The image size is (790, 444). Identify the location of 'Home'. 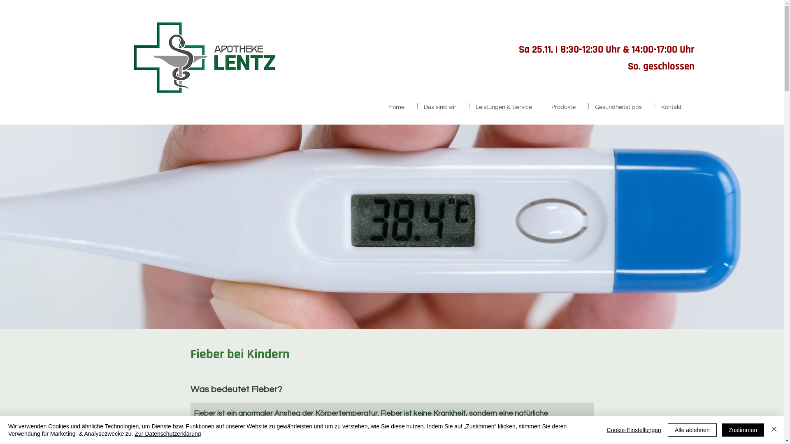
(400, 106).